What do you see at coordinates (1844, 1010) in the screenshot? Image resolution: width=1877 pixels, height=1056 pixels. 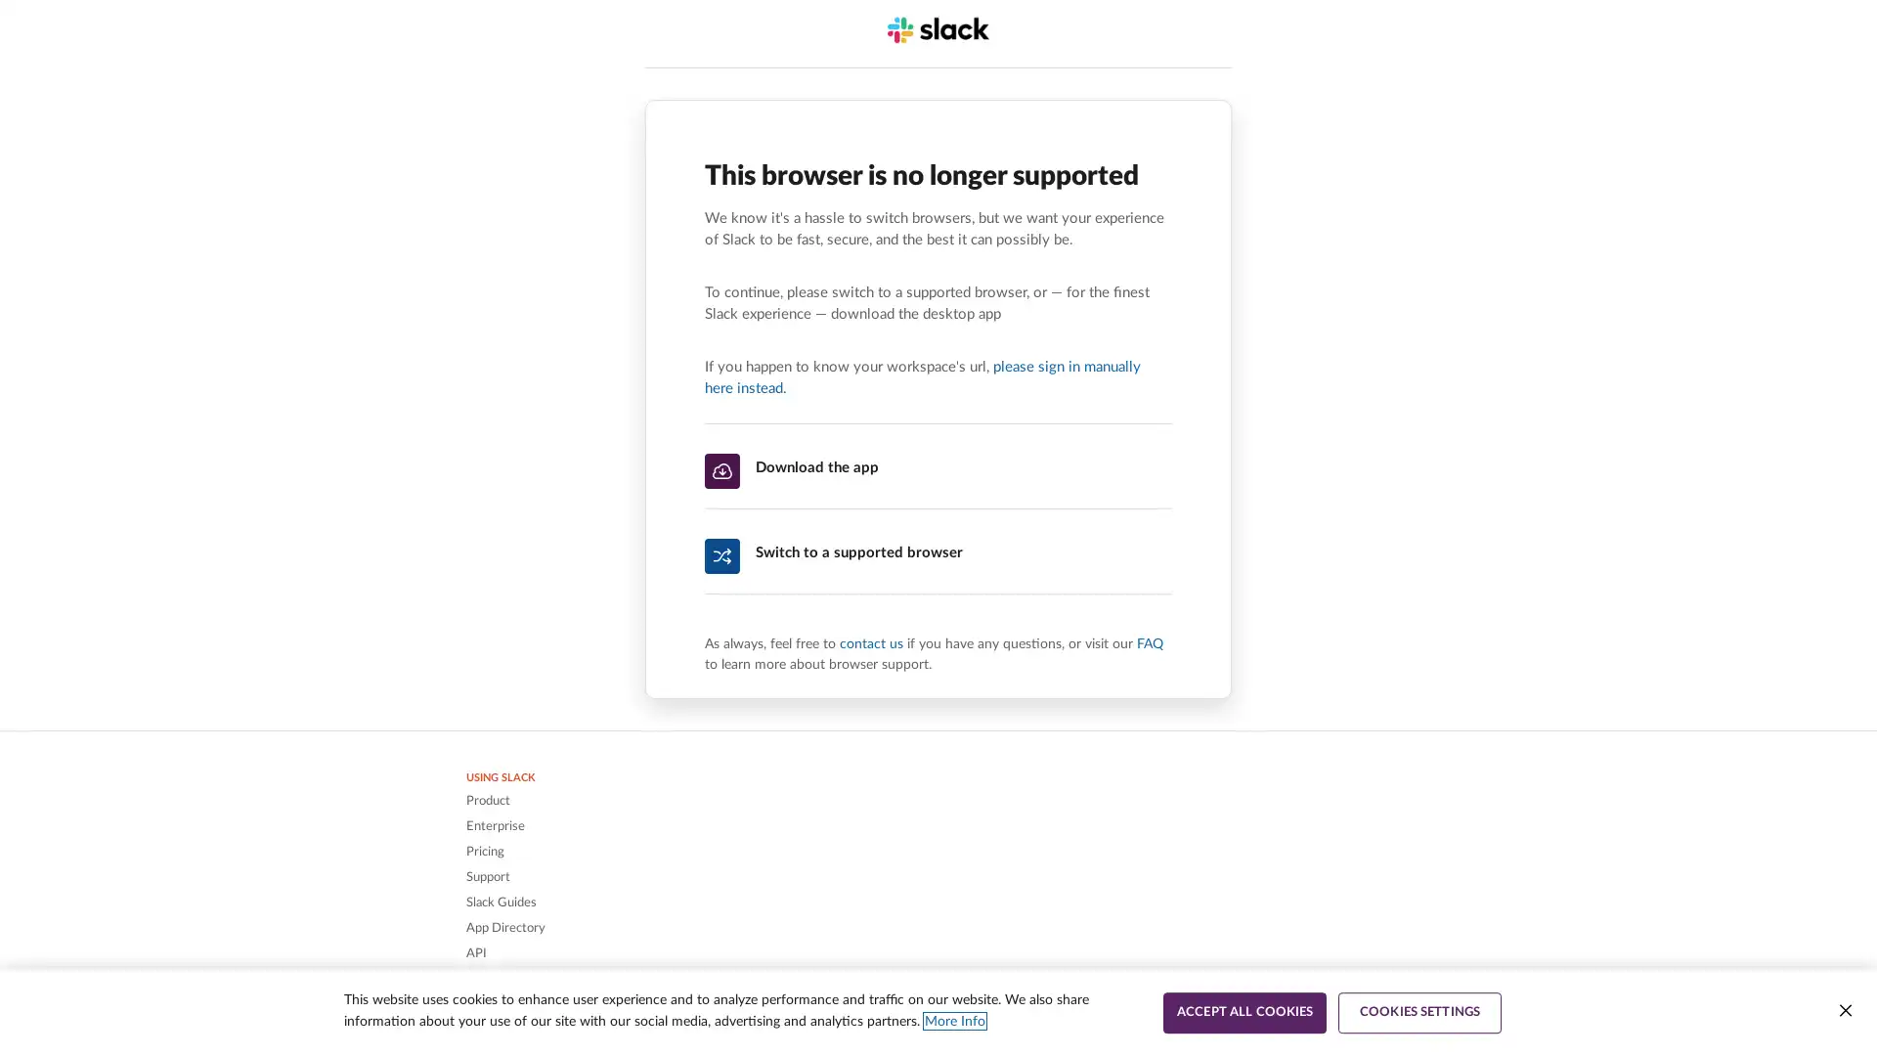 I see `Close` at bounding box center [1844, 1010].